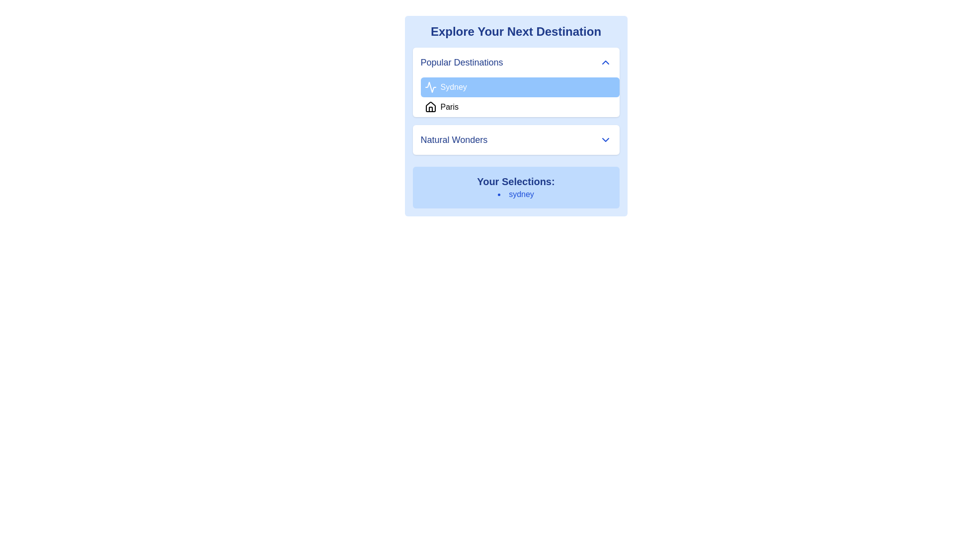  What do you see at coordinates (453, 87) in the screenshot?
I see `the text label 'Sydney' displayed in white color against a blue background` at bounding box center [453, 87].